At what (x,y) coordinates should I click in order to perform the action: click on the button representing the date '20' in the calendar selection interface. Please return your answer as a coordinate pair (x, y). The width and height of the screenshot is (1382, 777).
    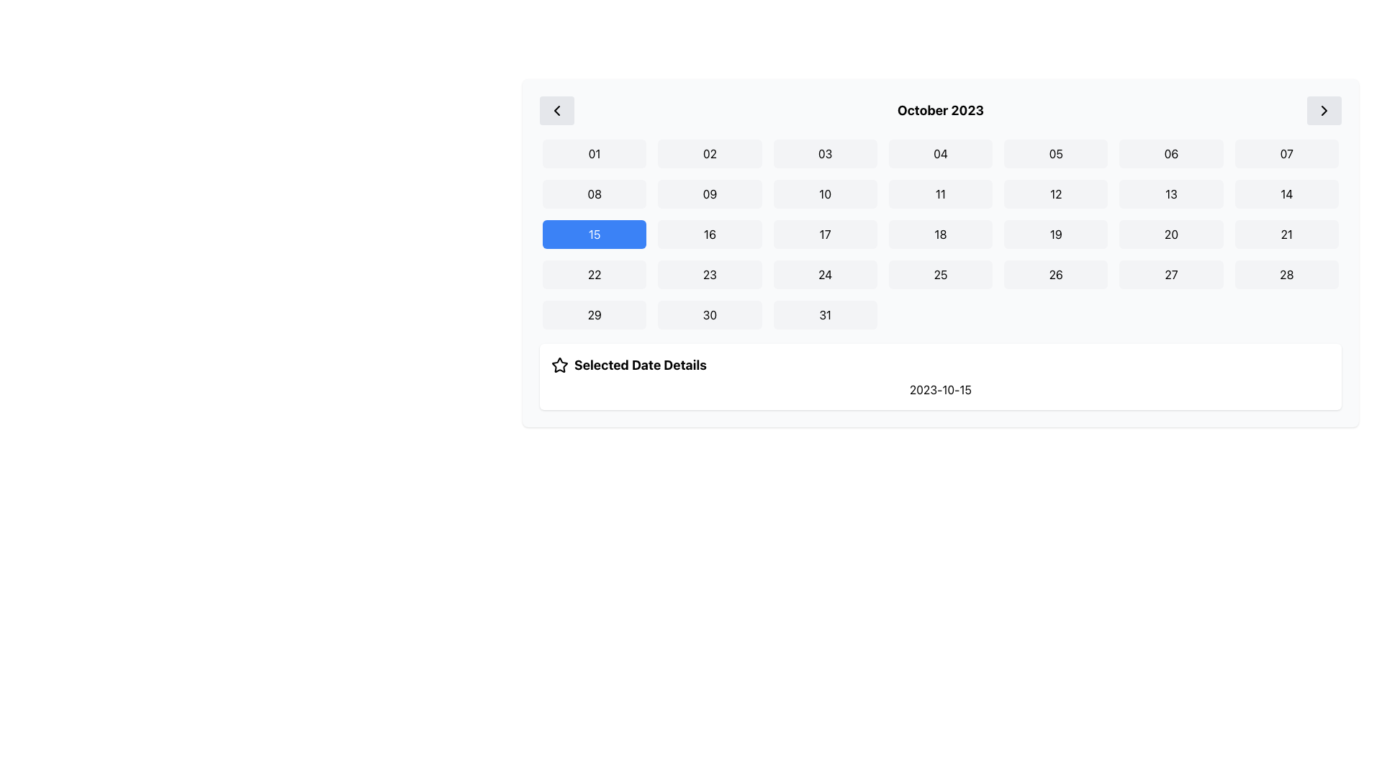
    Looking at the image, I should click on (1171, 234).